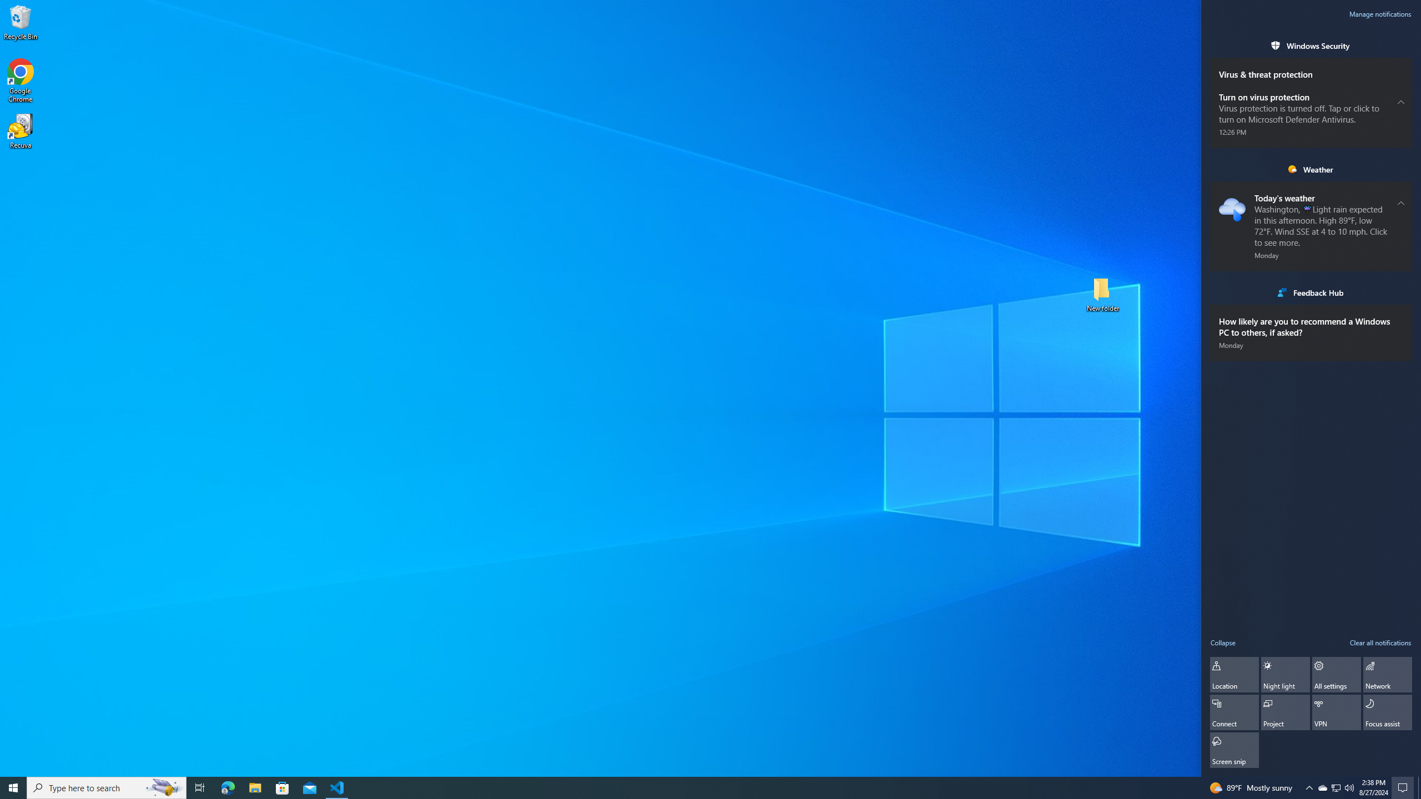  I want to click on 'Task View', so click(199, 787).